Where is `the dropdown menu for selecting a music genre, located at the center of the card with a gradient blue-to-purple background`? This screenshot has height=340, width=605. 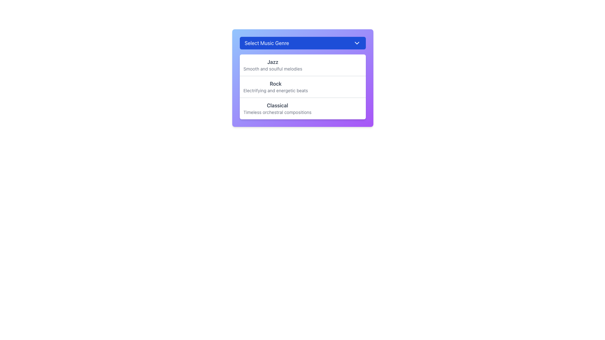
the dropdown menu for selecting a music genre, located at the center of the card with a gradient blue-to-purple background is located at coordinates (302, 43).